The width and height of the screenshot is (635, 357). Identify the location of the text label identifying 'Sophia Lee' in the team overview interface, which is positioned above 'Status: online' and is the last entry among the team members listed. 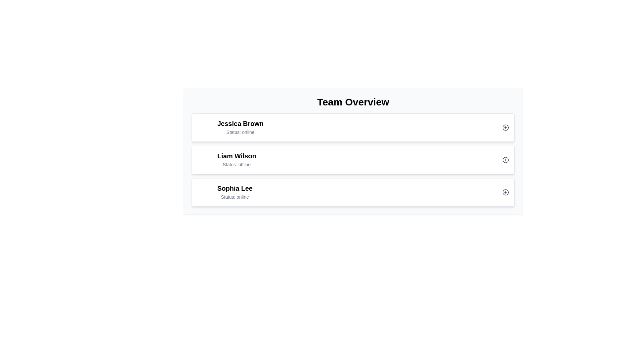
(235, 188).